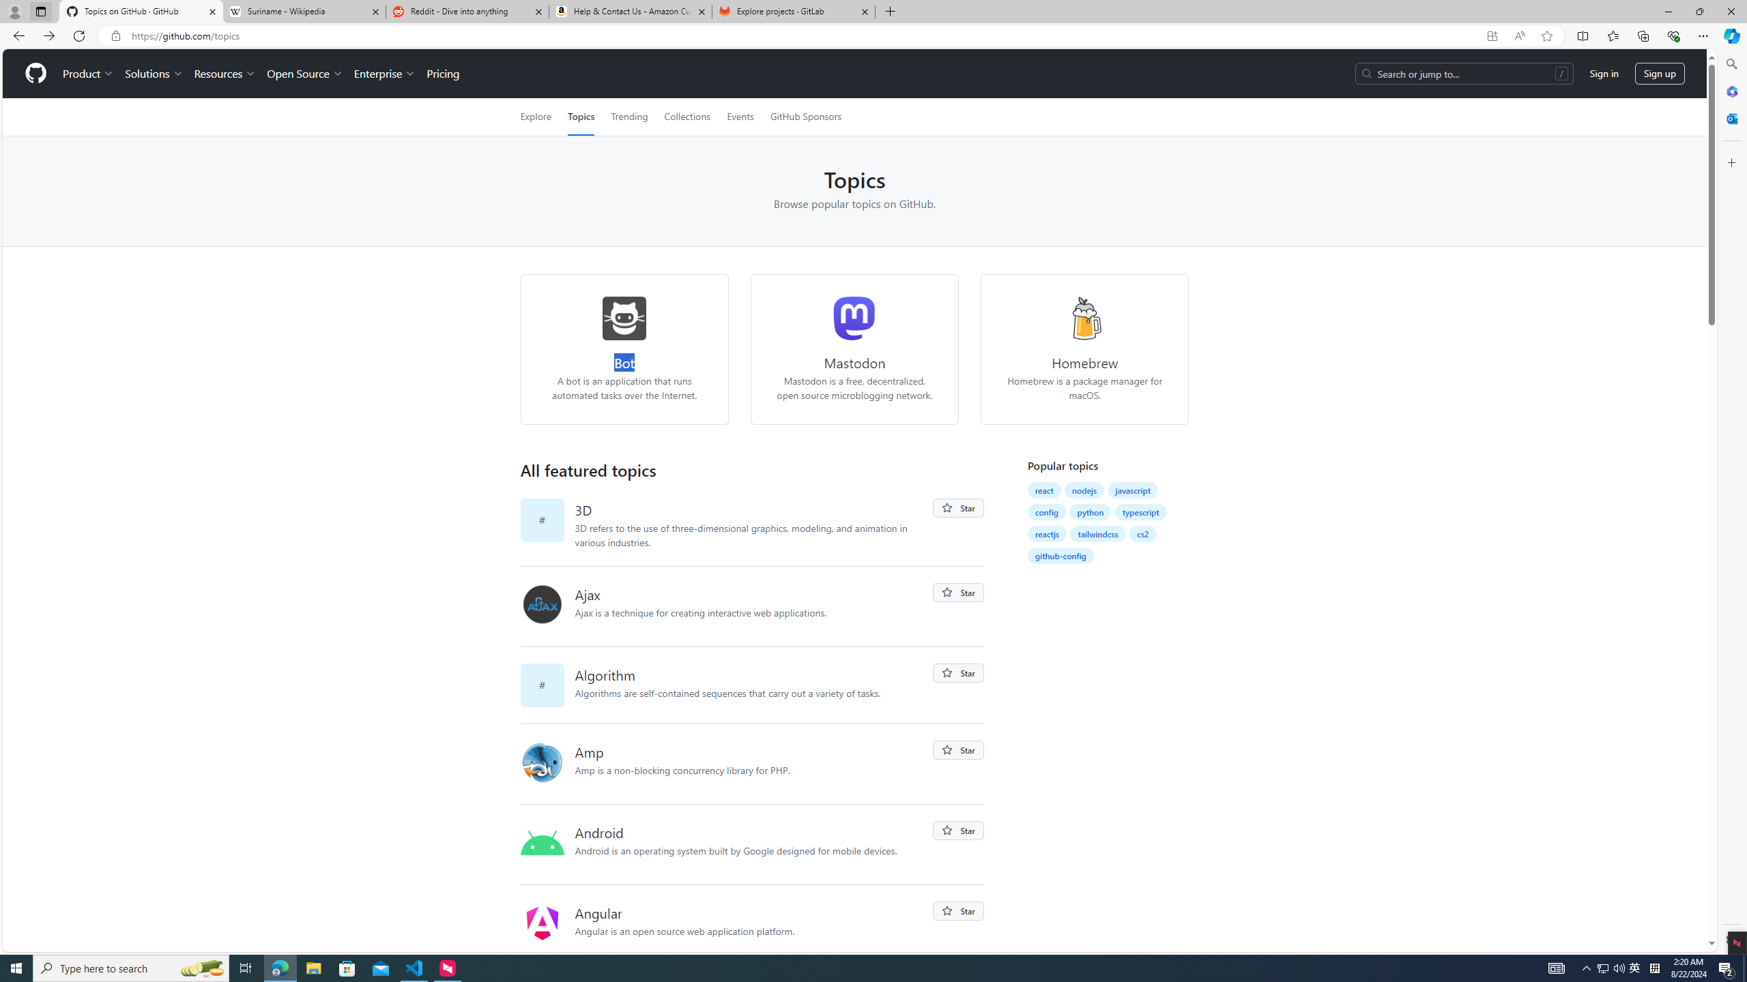  Describe the element at coordinates (740, 117) in the screenshot. I see `'Events'` at that location.